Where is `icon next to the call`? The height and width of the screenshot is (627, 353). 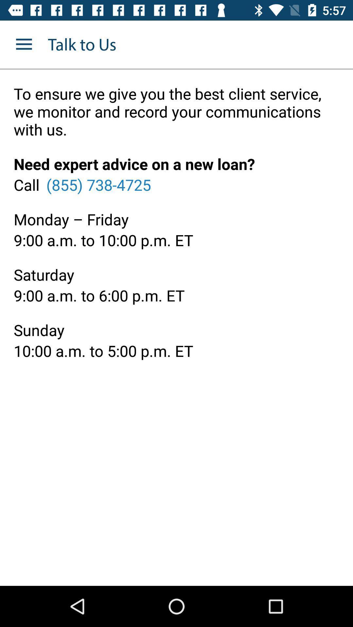
icon next to the call is located at coordinates (98, 184).